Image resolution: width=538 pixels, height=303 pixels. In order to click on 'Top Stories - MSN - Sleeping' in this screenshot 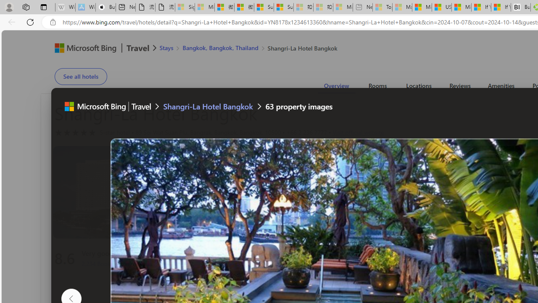, I will do `click(382, 7)`.